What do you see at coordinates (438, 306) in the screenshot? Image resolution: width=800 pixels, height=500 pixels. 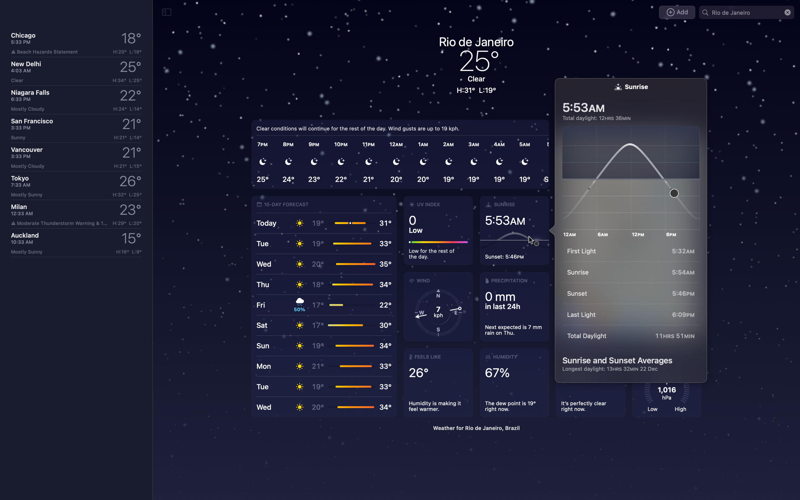 I see `Verify wind velocity of Rio de Janeiro` at bounding box center [438, 306].